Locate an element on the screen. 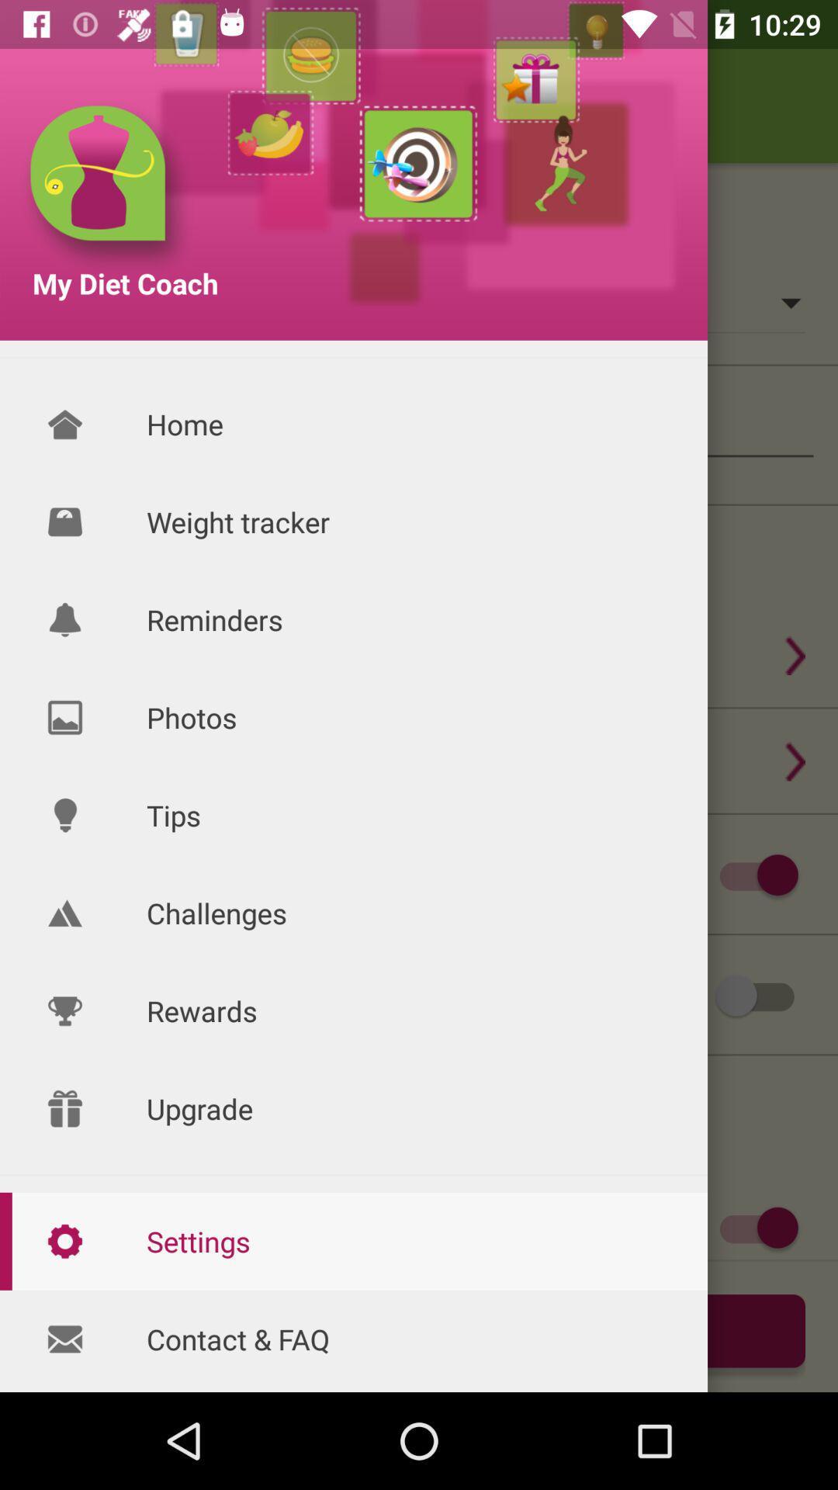 The width and height of the screenshot is (838, 1490). reminder icon is located at coordinates (64, 619).